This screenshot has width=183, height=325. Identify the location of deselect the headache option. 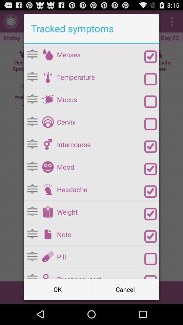
(150, 191).